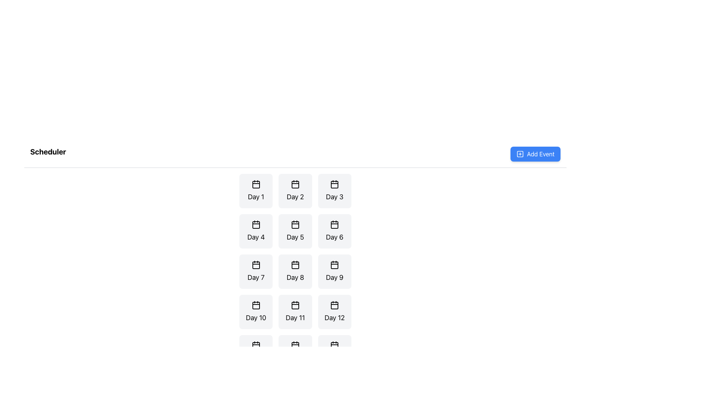 This screenshot has height=403, width=717. What do you see at coordinates (256, 237) in the screenshot?
I see `the 'Day 4' text label in the calendar interface, which is located in the second row and first column of the grid layout` at bounding box center [256, 237].